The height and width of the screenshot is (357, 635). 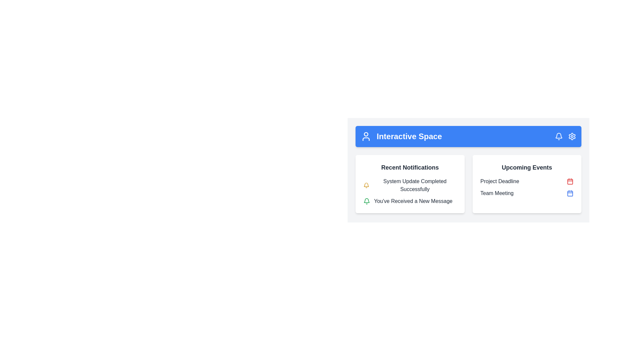 What do you see at coordinates (409, 191) in the screenshot?
I see `the Notification list containing the messages 'System Update Completed Successfully' and 'You've Received a New Message' within the 'Recent Notifications' card` at bounding box center [409, 191].